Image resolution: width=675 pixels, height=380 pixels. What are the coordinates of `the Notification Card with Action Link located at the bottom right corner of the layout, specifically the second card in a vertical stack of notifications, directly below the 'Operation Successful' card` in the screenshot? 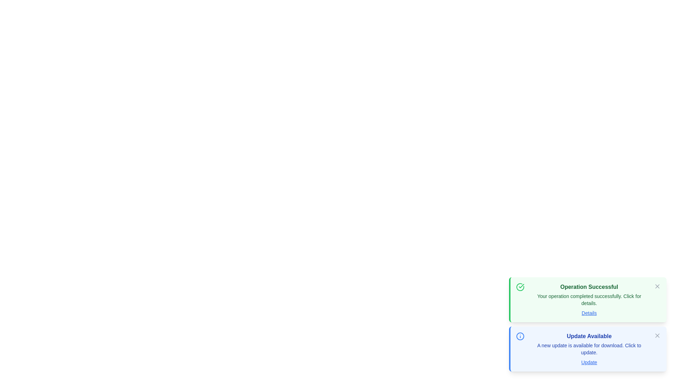 It's located at (589, 349).